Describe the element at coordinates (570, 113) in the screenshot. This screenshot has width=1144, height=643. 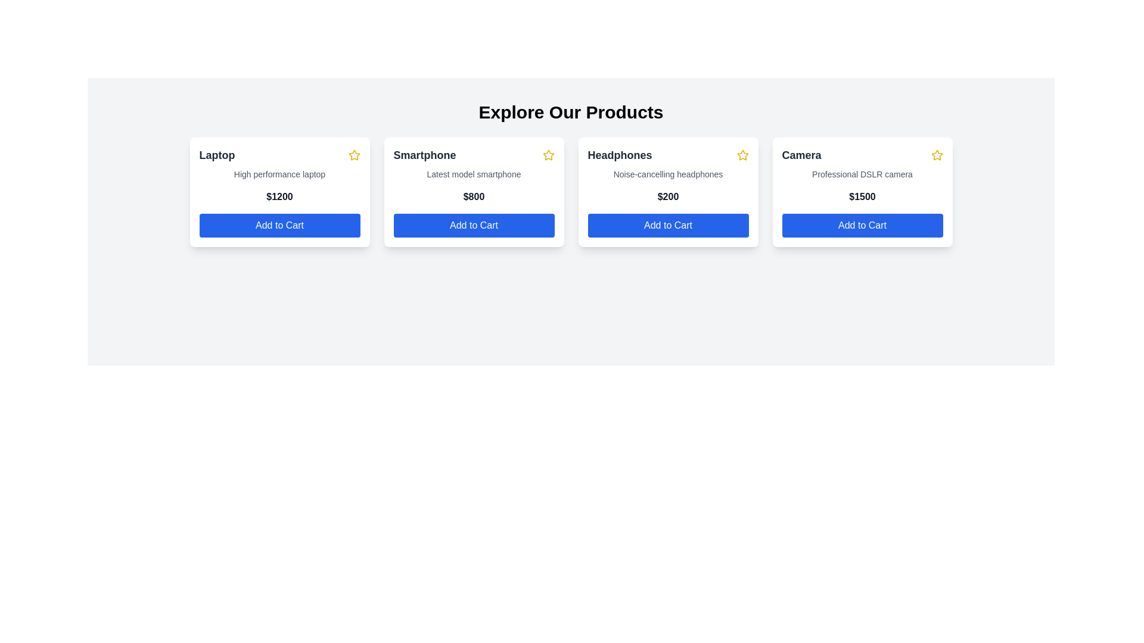
I see `bold title text element that says 'Explore Our Products', which is centered at the top of the layout above the product cards` at that location.